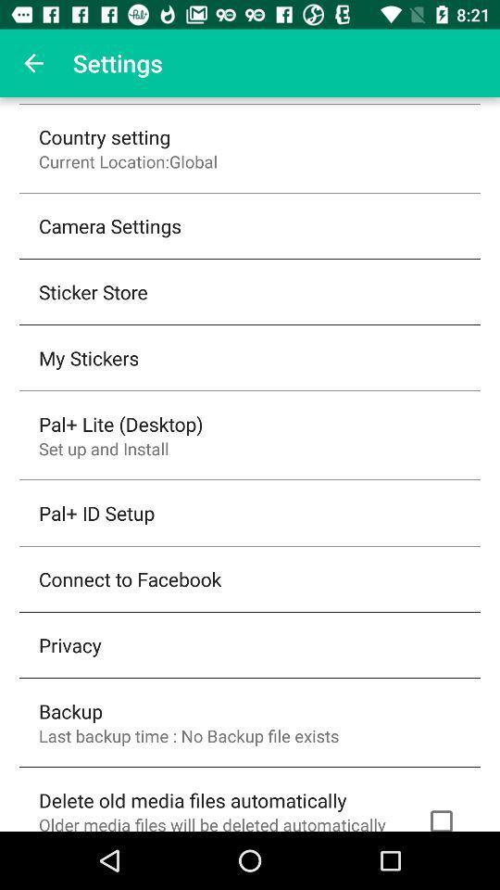 This screenshot has width=500, height=890. Describe the element at coordinates (440, 816) in the screenshot. I see `icon to the right of the older media files` at that location.